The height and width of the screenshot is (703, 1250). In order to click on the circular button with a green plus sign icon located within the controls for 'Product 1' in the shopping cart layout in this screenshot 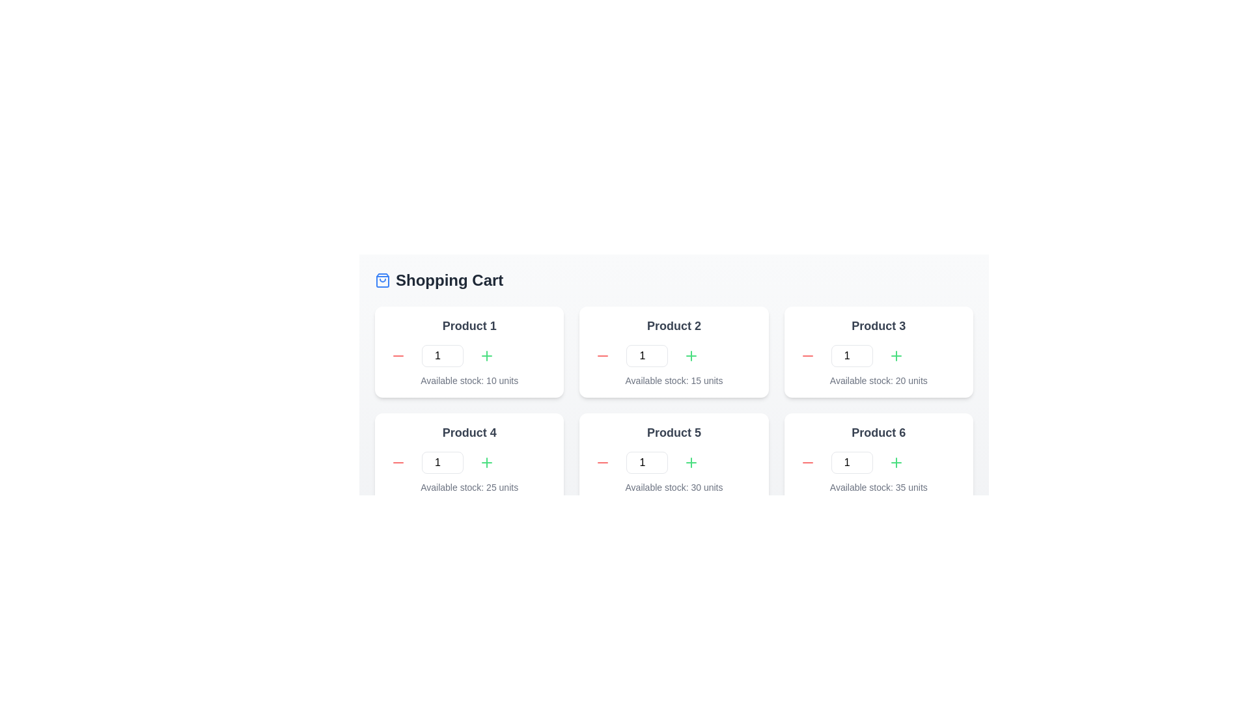, I will do `click(486, 356)`.